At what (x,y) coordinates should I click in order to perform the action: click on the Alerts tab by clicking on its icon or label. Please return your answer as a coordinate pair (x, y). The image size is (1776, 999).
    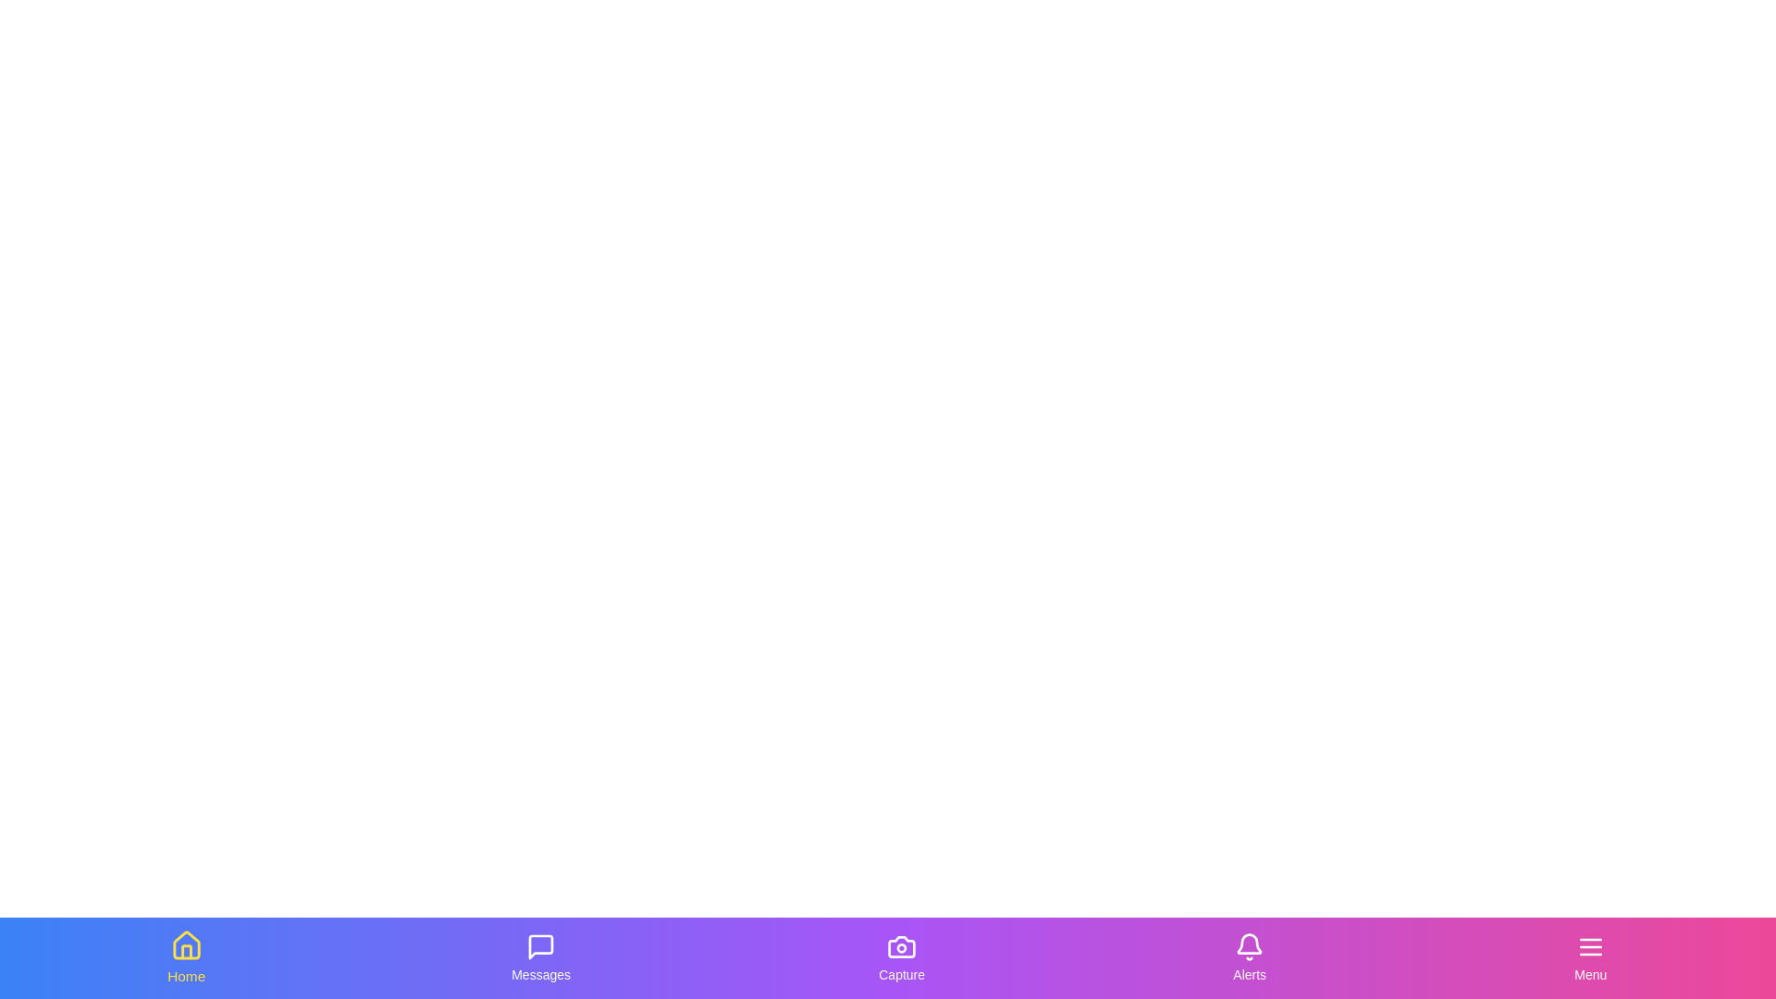
    Looking at the image, I should click on (1250, 957).